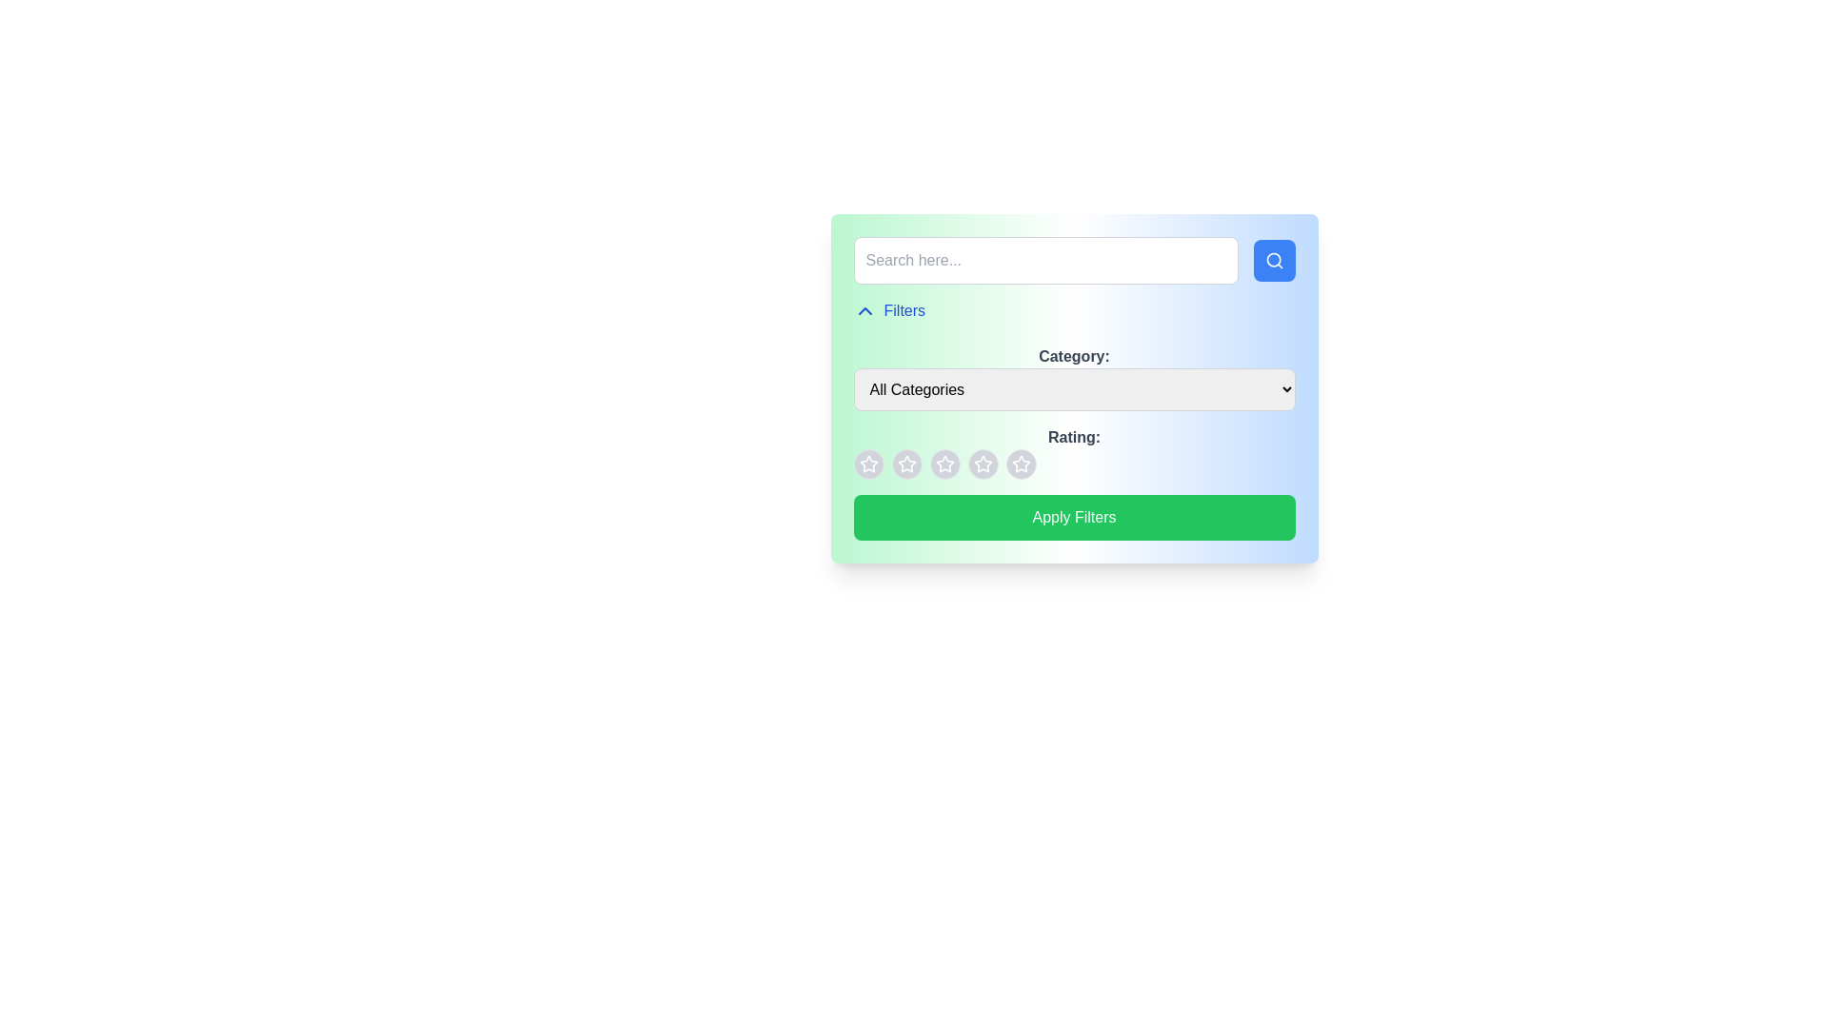  Describe the element at coordinates (1020, 465) in the screenshot. I see `the fifth star icon in the star rating system` at that location.